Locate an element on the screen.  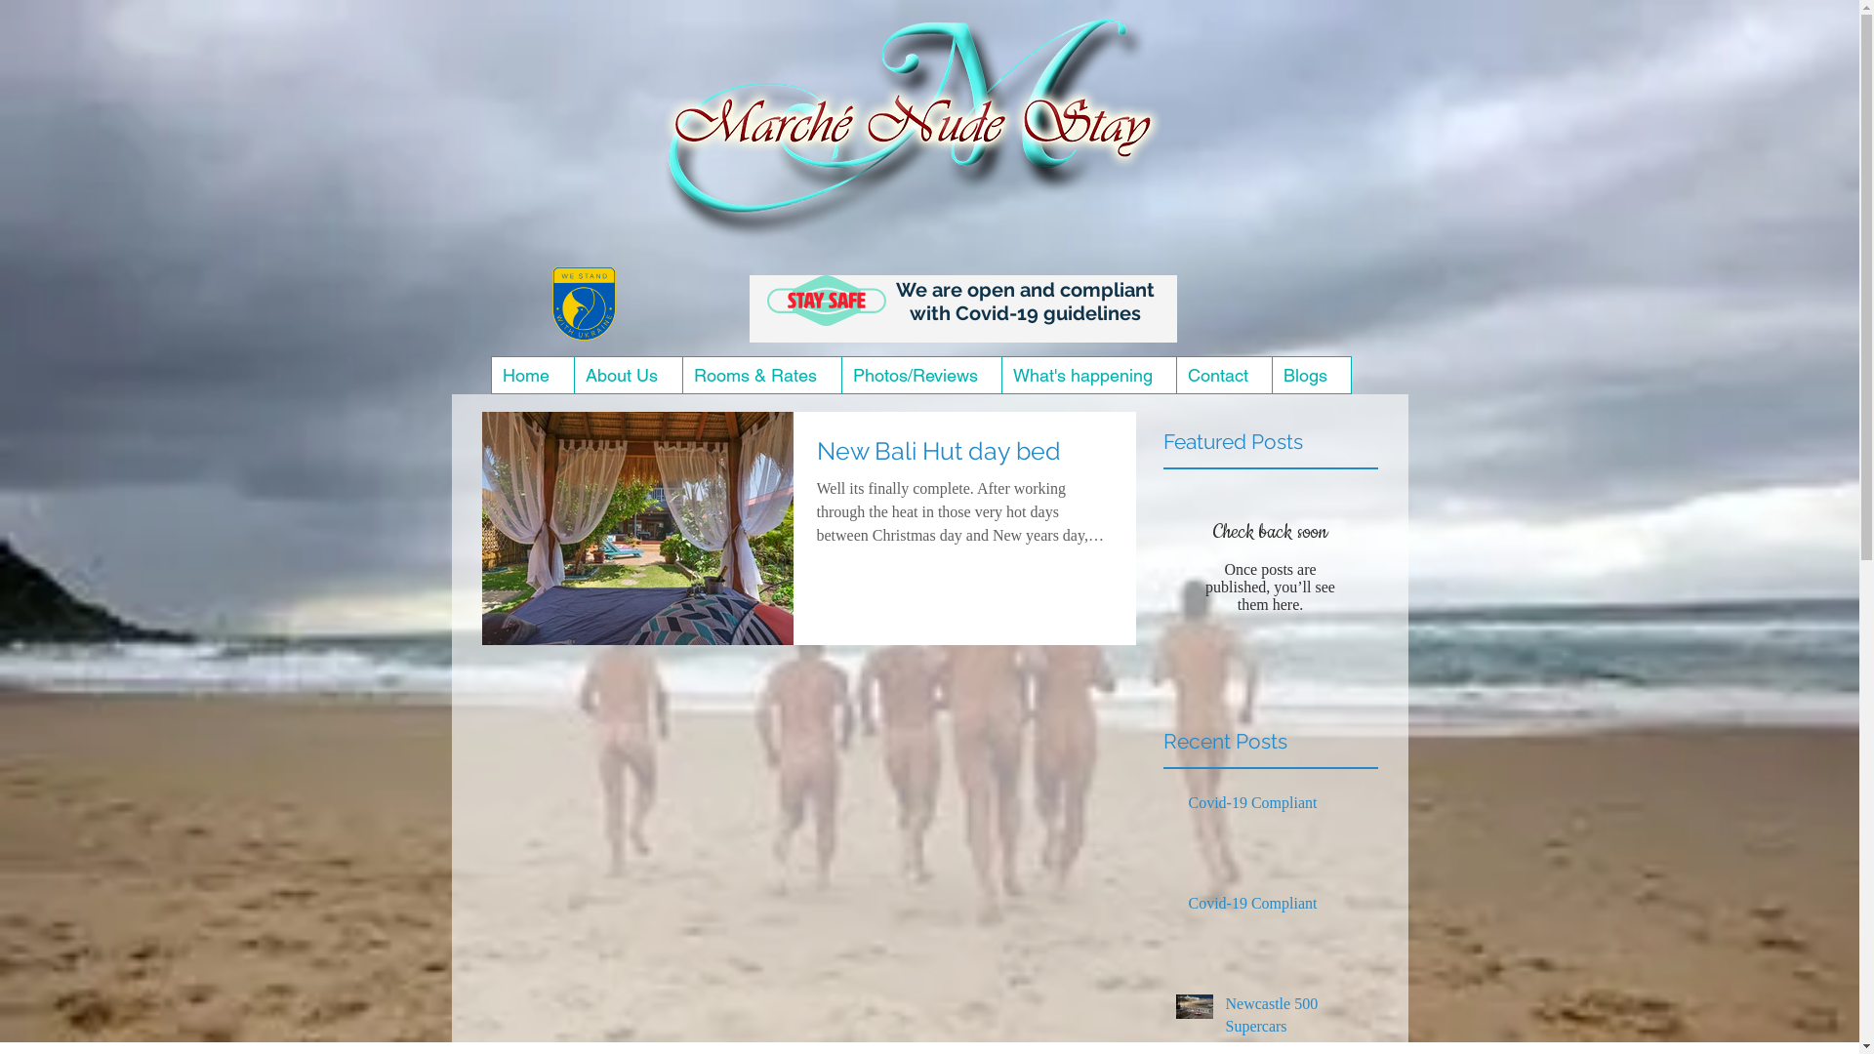
'Covid-19 Compliant' is located at coordinates (1278, 806).